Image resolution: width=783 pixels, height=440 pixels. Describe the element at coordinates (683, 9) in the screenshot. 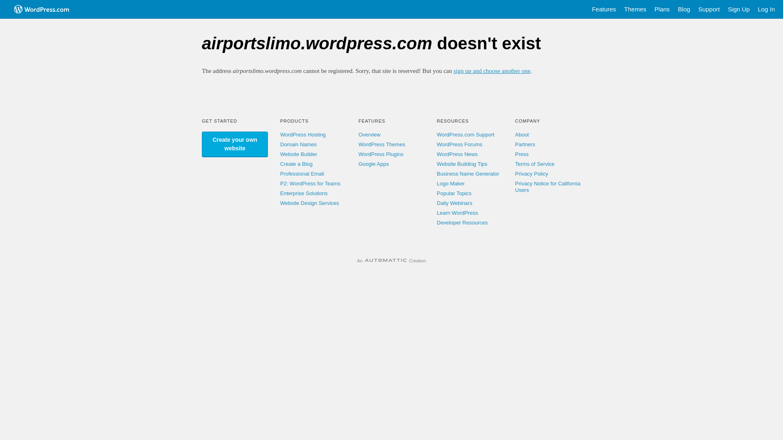

I see `'Blog'` at that location.